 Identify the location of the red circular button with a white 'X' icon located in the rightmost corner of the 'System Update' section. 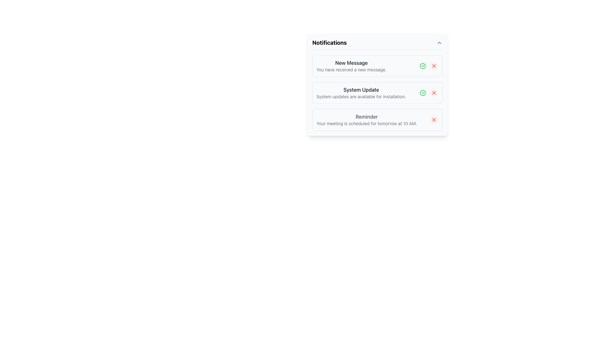
(433, 93).